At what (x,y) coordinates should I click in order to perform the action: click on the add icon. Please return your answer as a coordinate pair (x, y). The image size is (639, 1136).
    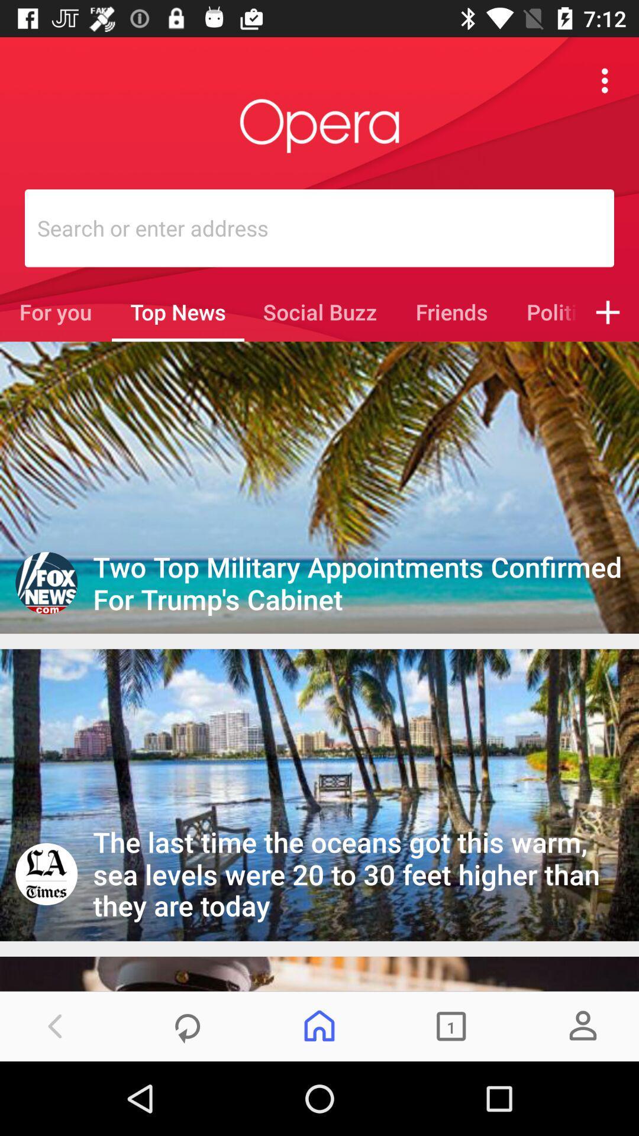
    Looking at the image, I should click on (608, 312).